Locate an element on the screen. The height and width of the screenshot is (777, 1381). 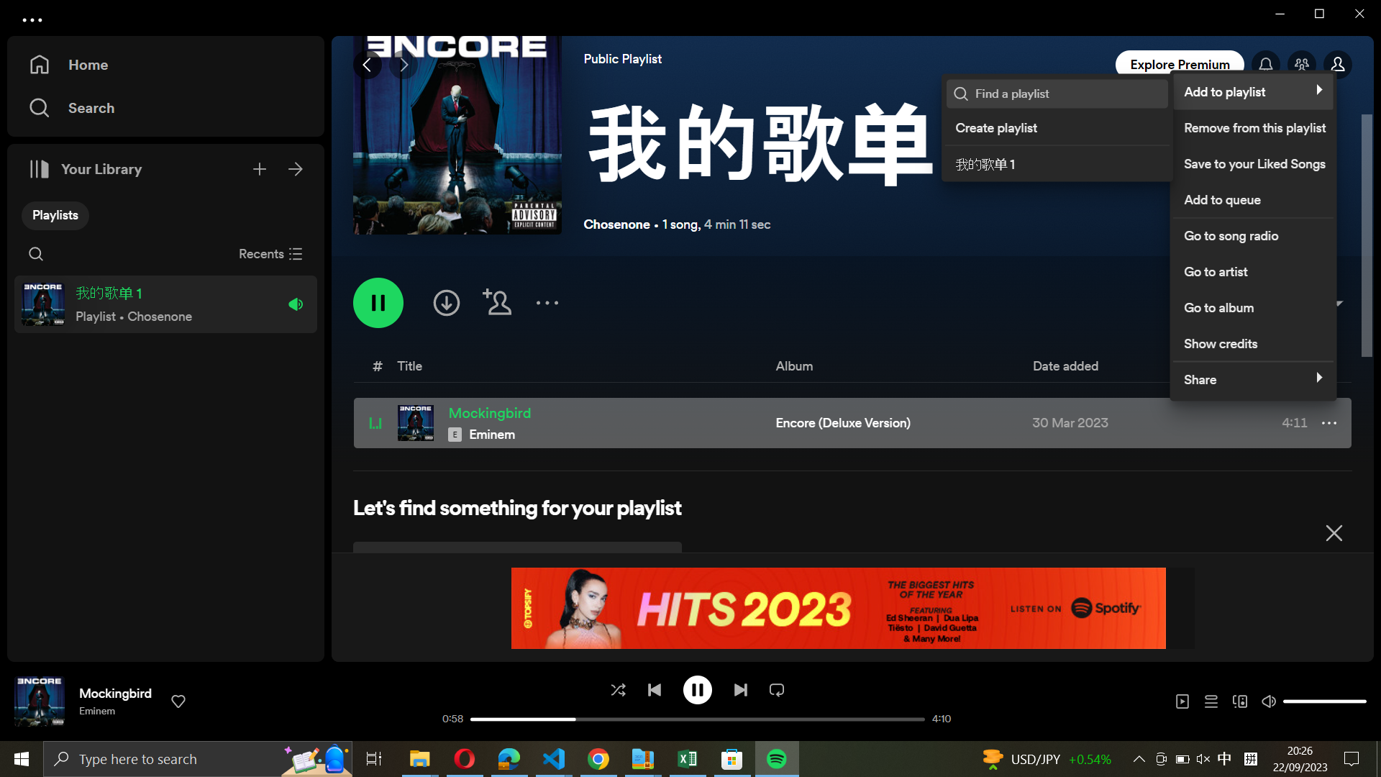
Finish the advertisement viewing is located at coordinates (1333, 530).